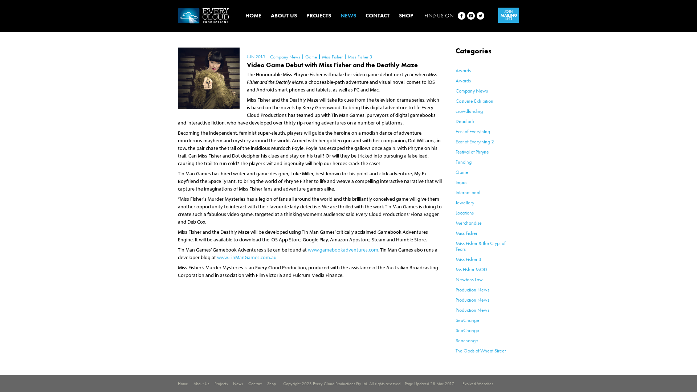 The height and width of the screenshot is (392, 697). I want to click on 'Awards', so click(463, 81).